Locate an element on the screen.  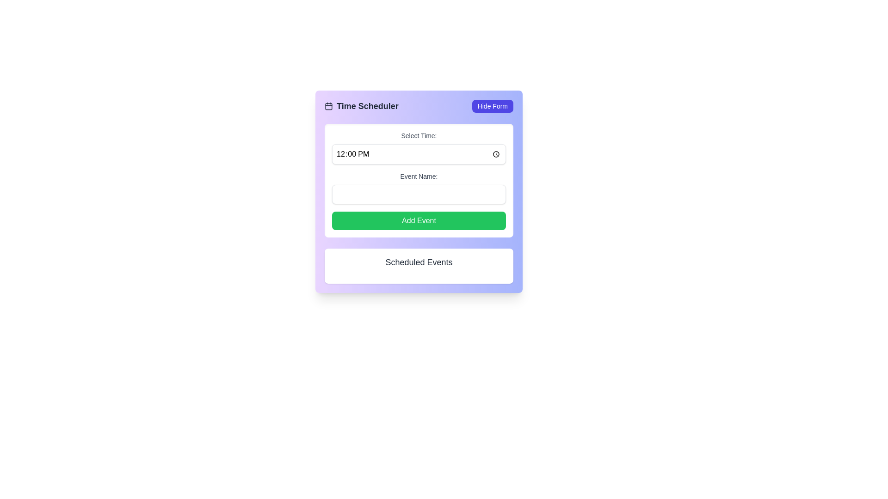
the button located at the top-right corner of the 'Time Scheduler' component to hide the form interface is located at coordinates (492, 106).